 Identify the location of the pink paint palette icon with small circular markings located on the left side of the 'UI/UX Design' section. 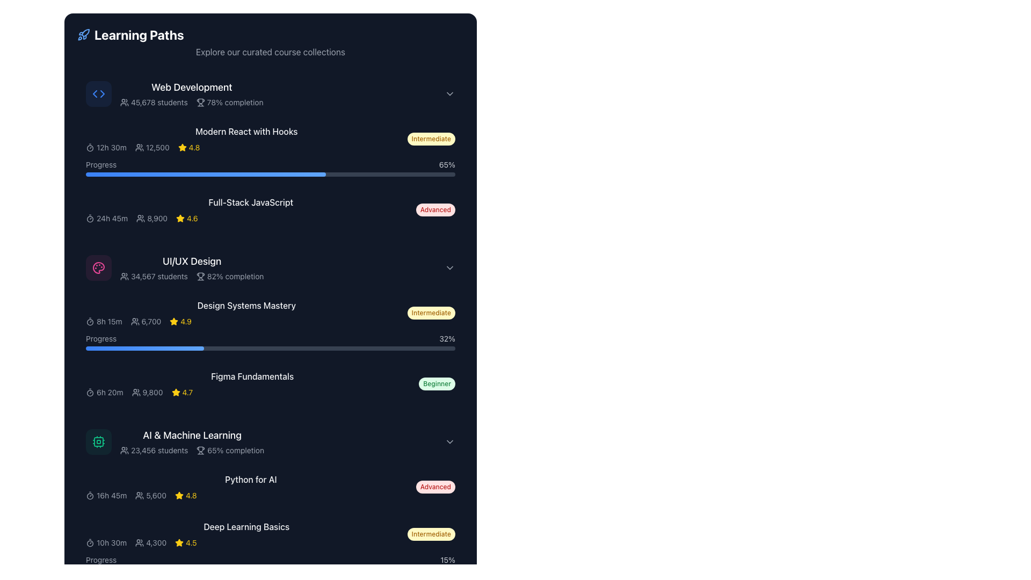
(98, 267).